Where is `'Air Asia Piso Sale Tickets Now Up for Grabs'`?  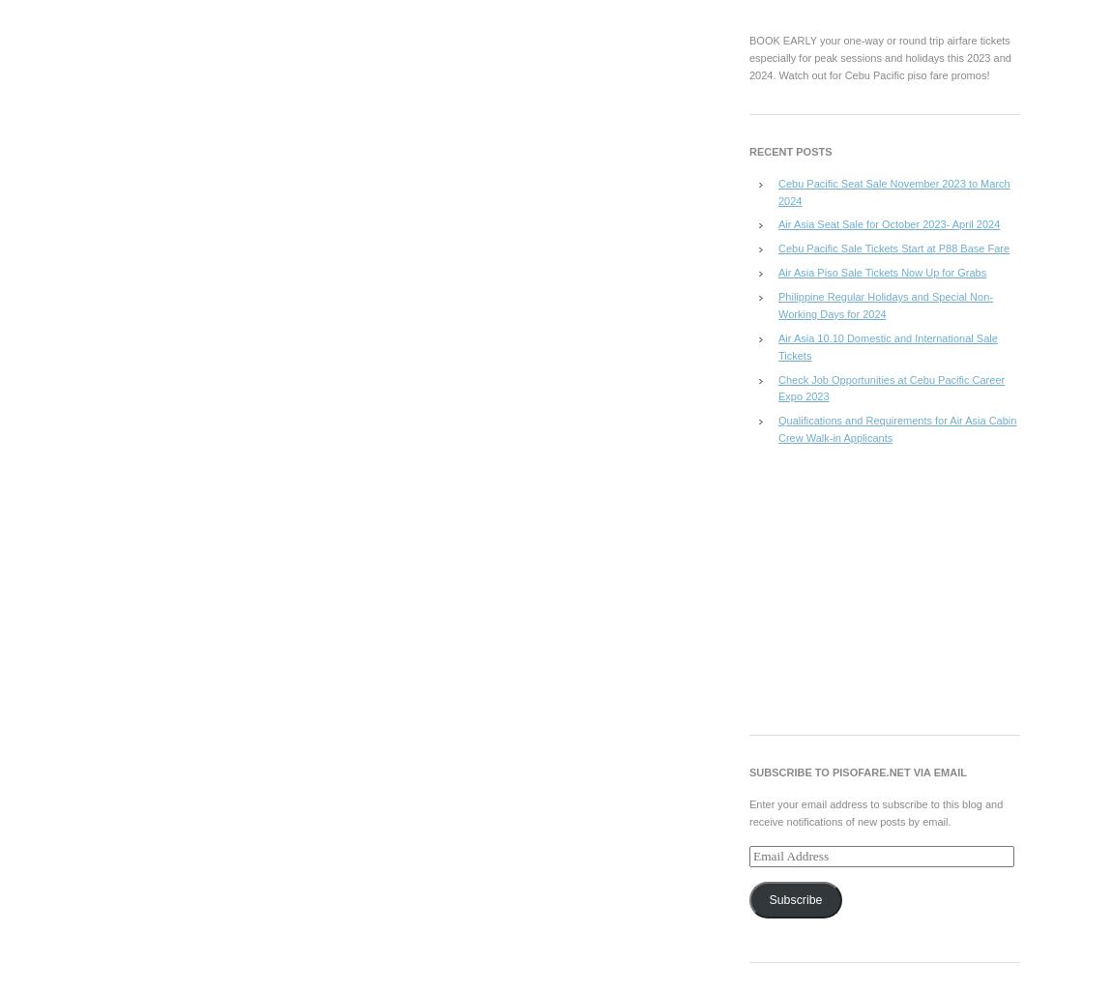 'Air Asia Piso Sale Tickets Now Up for Grabs' is located at coordinates (882, 272).